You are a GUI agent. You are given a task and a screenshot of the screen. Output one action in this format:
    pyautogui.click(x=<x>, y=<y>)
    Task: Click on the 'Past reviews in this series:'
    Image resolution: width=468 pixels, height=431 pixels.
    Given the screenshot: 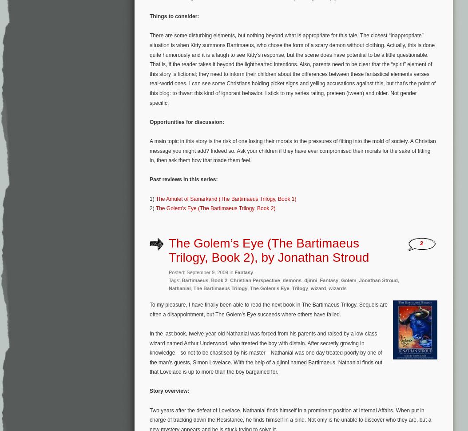 What is the action you would take?
    pyautogui.click(x=183, y=180)
    